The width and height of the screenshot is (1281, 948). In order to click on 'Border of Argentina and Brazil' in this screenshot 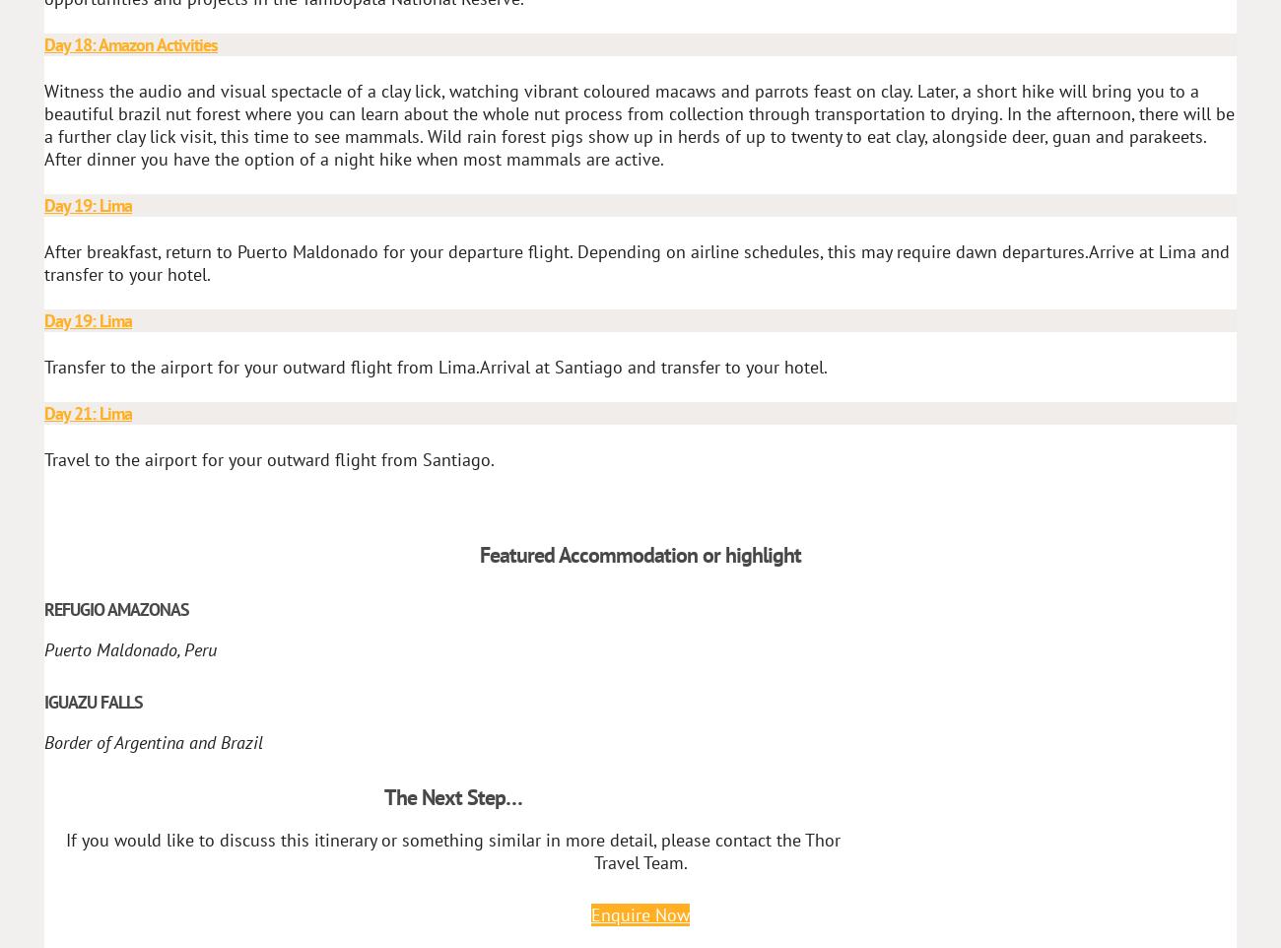, I will do `click(153, 741)`.